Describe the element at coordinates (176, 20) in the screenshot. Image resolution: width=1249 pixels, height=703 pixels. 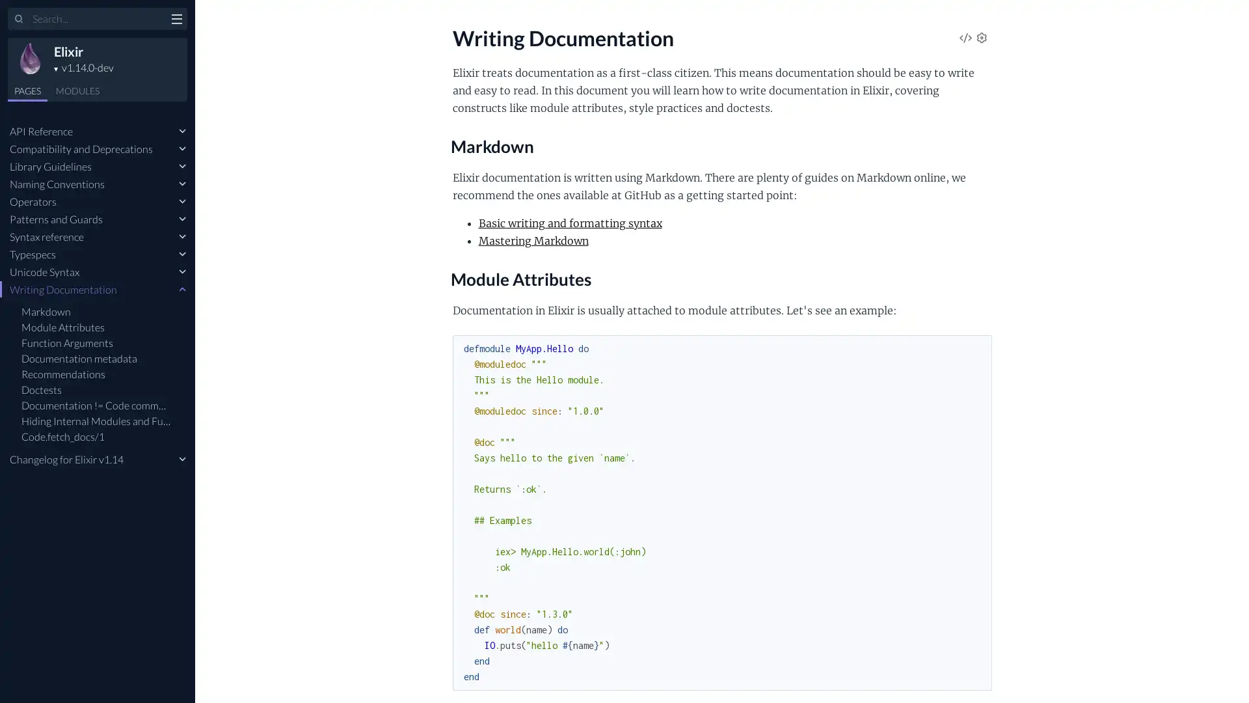
I see `toggle sidebar` at that location.